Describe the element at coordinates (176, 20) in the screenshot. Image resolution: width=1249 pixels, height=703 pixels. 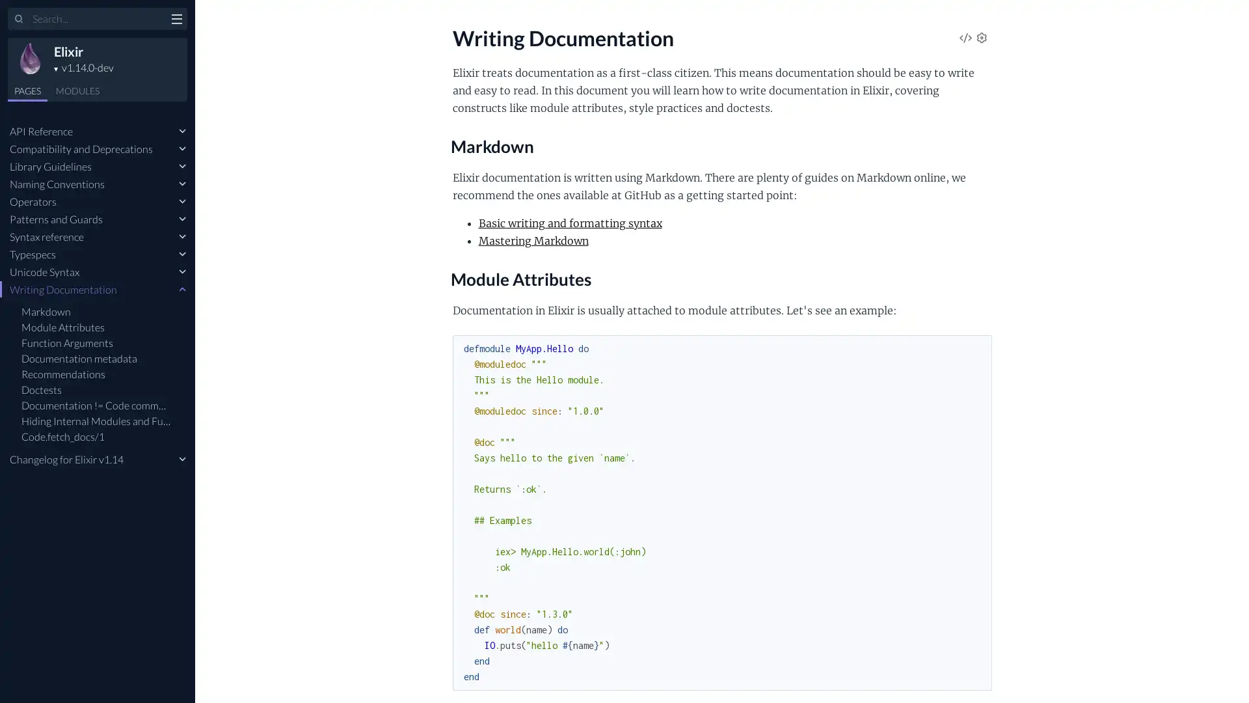
I see `toggle sidebar` at that location.